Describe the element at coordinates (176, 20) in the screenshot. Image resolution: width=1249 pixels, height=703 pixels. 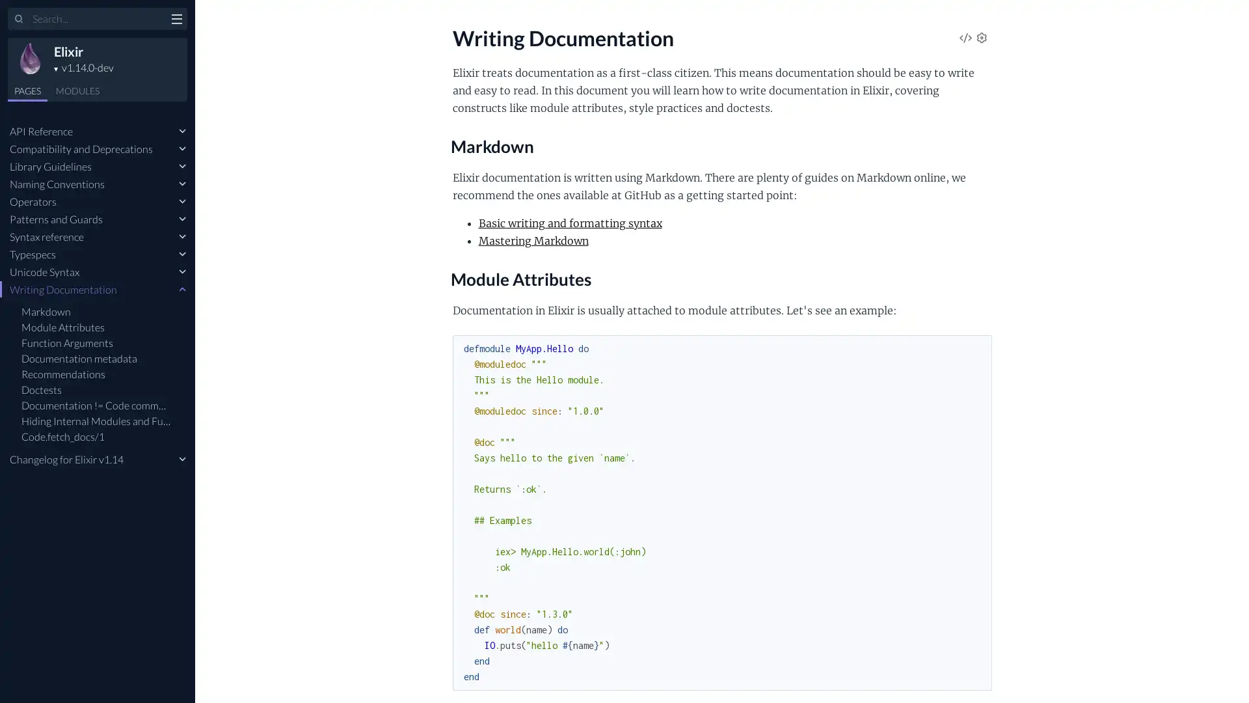
I see `toggle sidebar` at that location.